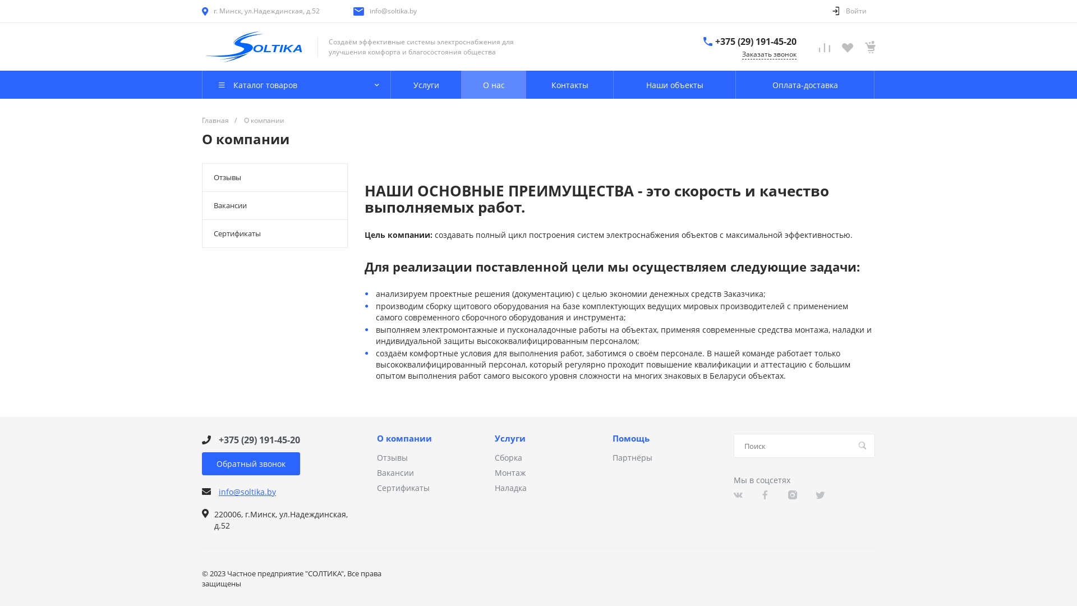 Image resolution: width=1077 pixels, height=606 pixels. I want to click on '+375 (29) 191-45-20', so click(259, 439).